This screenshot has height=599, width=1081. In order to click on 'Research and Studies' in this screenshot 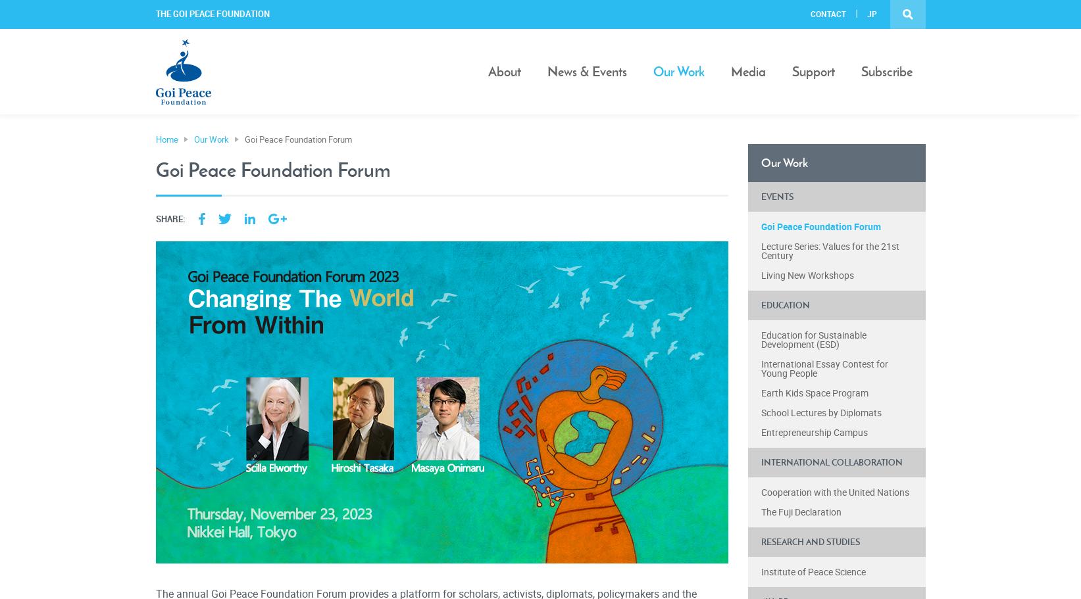, I will do `click(809, 541)`.